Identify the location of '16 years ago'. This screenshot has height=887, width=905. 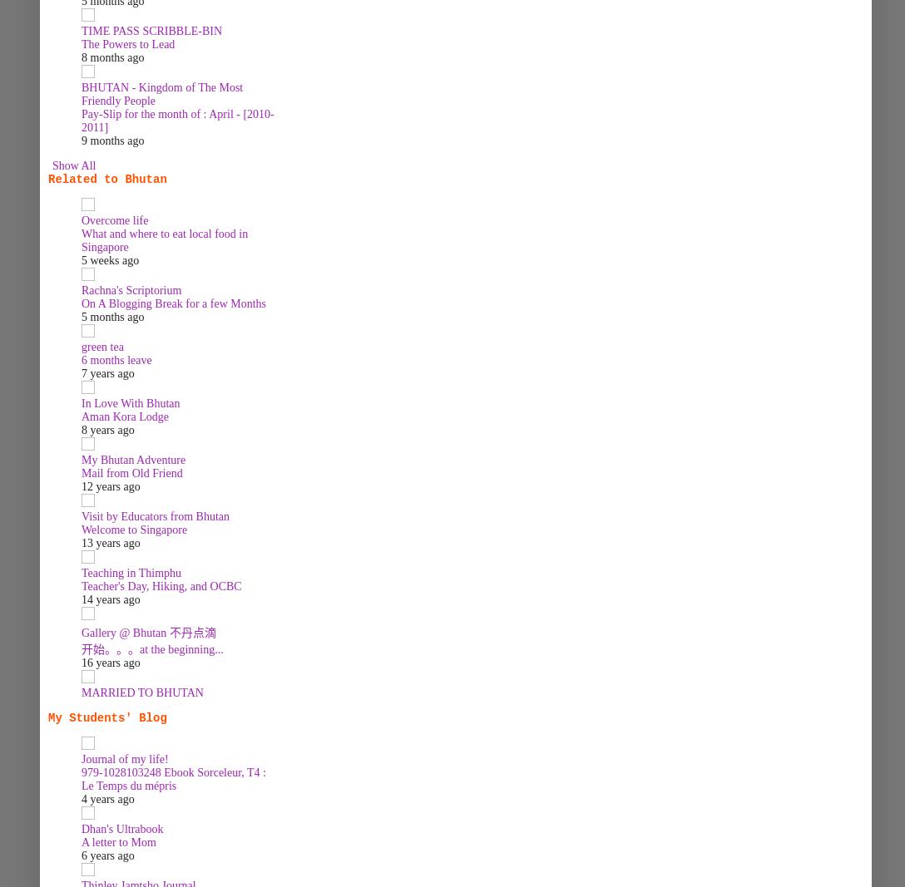
(82, 662).